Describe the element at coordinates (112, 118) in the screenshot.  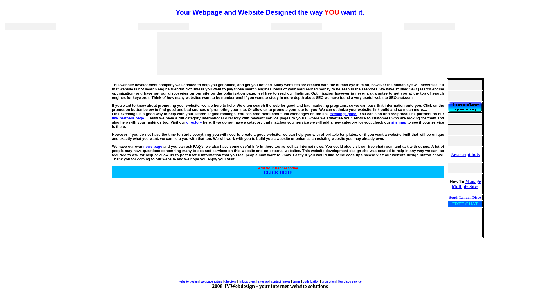
I see `'link partners page'` at that location.